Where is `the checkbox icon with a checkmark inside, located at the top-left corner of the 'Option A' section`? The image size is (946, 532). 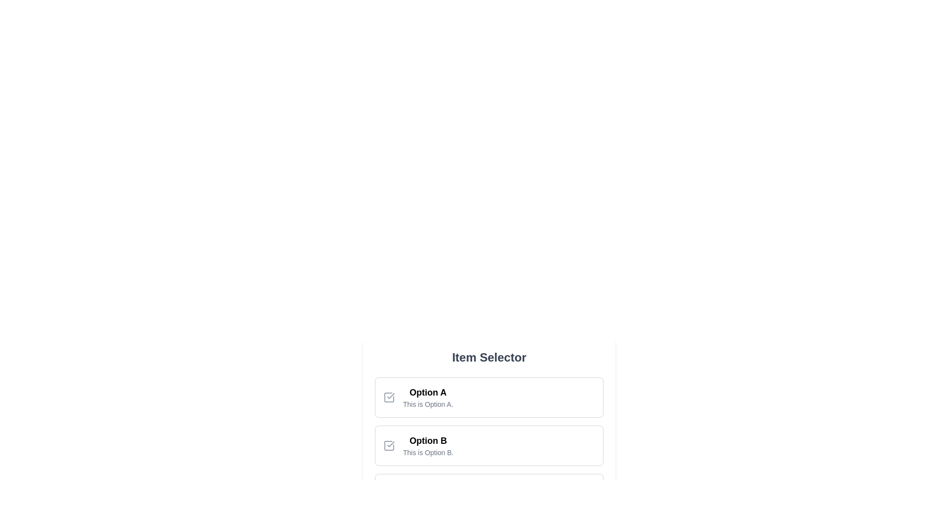
the checkbox icon with a checkmark inside, located at the top-left corner of the 'Option A' section is located at coordinates (389, 397).